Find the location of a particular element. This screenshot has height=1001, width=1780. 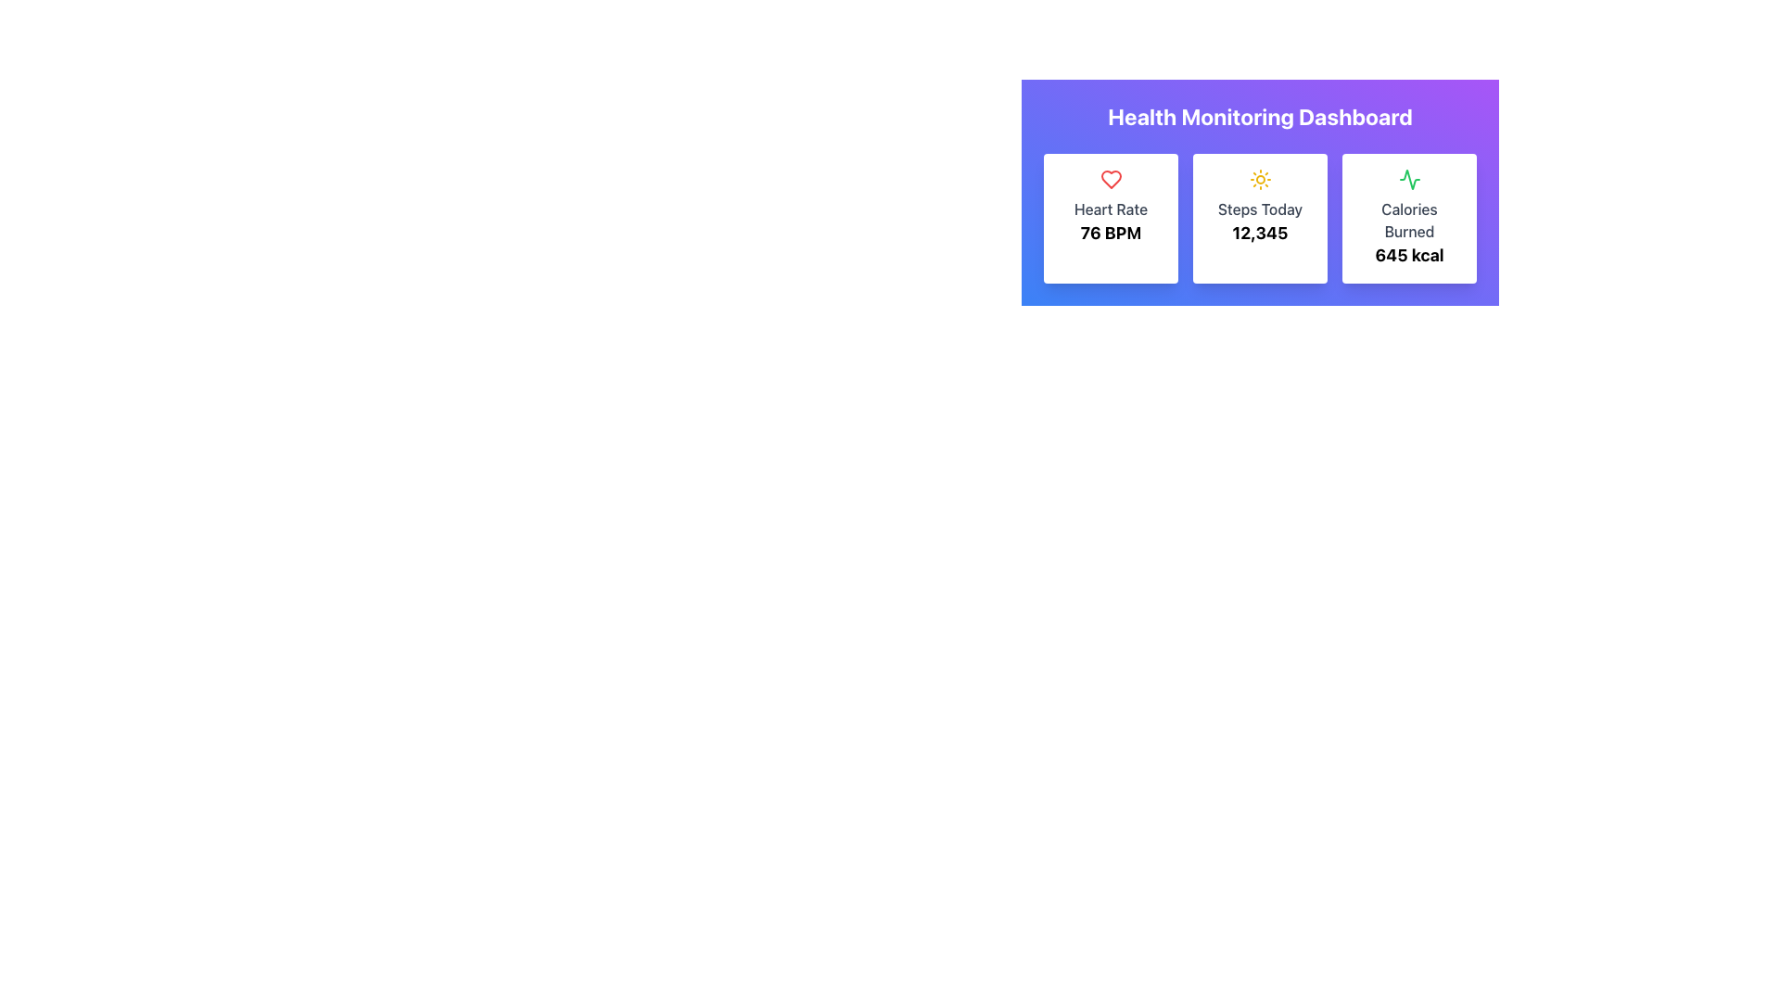

the displayed information on the Info card showing 'Calories Burned' and '645 kcal', located in the rightmost position among three white cards is located at coordinates (1409, 217).